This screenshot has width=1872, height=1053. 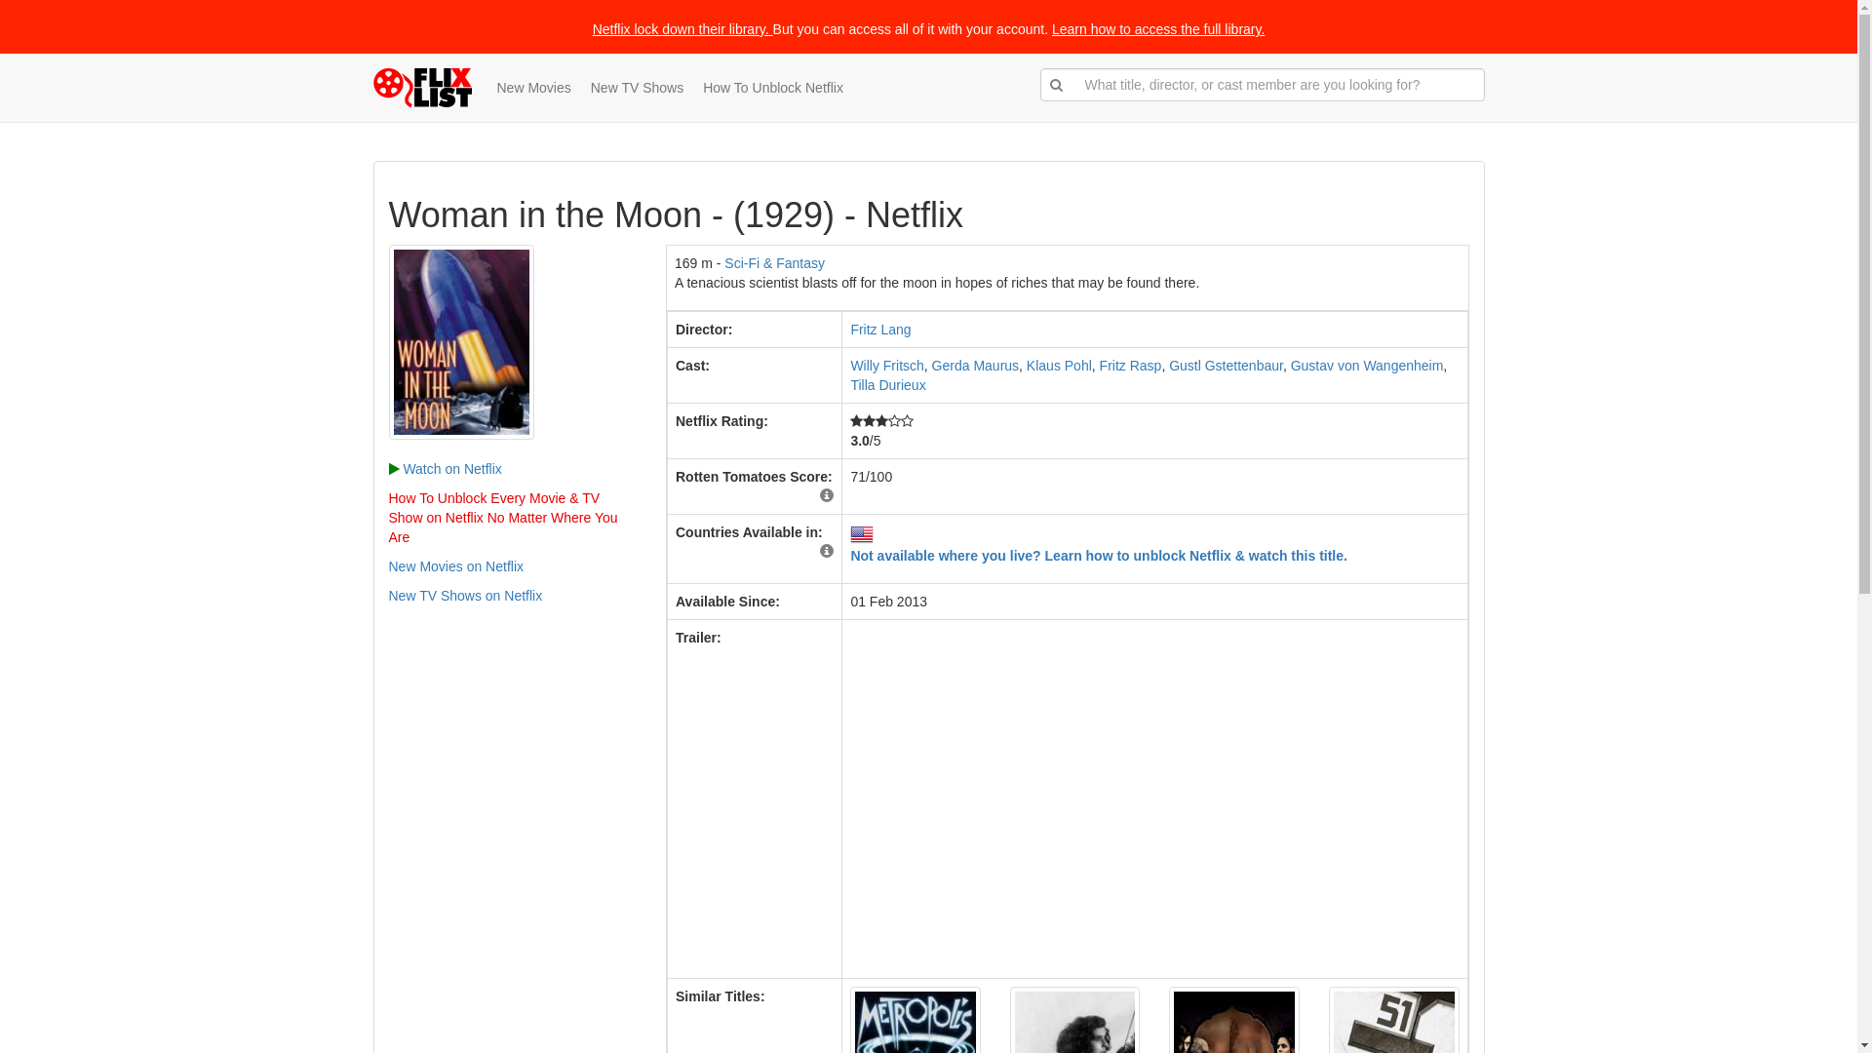 I want to click on 'Gerda Maurus', so click(x=930, y=365).